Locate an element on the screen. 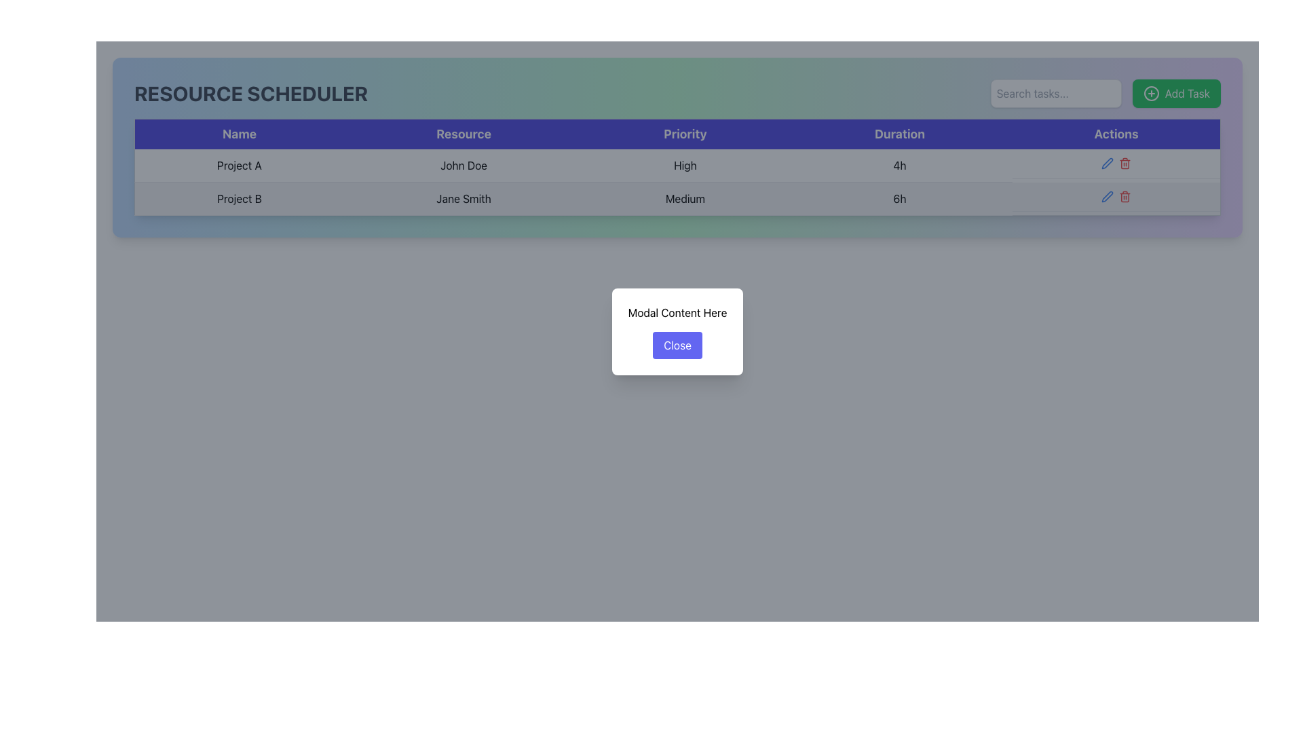 This screenshot has width=1303, height=733. the purple navbar segment containing the table headers 'Name', 'Resource', 'Priority', 'Duration', and 'Actions', located directly beneath the 'RESOURCE SCHEDULER' title is located at coordinates (677, 134).